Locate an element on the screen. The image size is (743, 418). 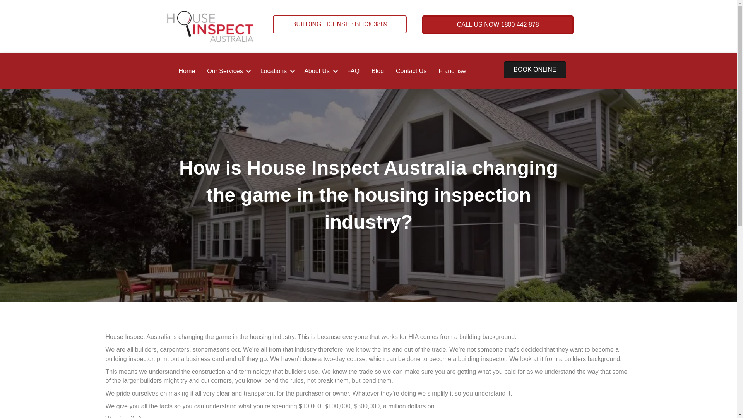
'CALL US NOW 1800 442 878' is located at coordinates (498, 24).